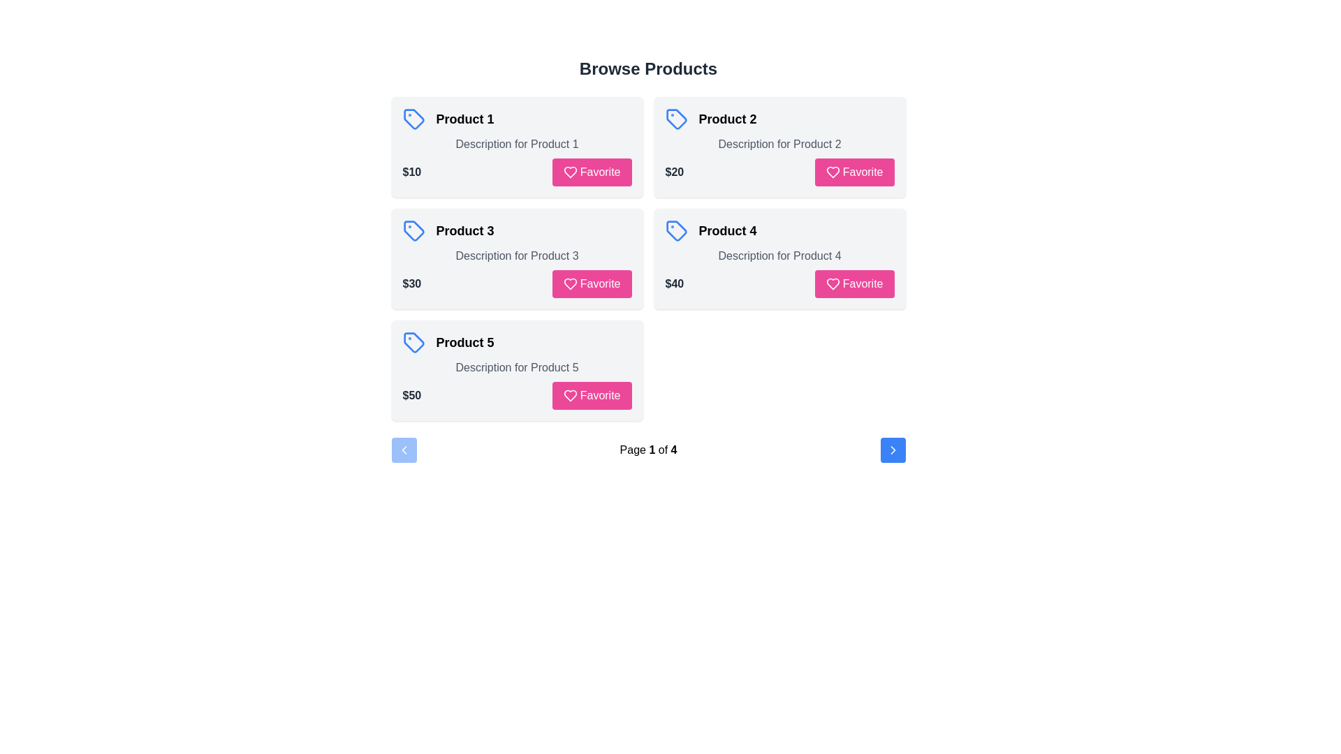 The height and width of the screenshot is (754, 1341). What do you see at coordinates (647, 450) in the screenshot?
I see `the pagination indicator text label displaying 'Page 1 of 4', which is located at the center-bottom of the interface` at bounding box center [647, 450].